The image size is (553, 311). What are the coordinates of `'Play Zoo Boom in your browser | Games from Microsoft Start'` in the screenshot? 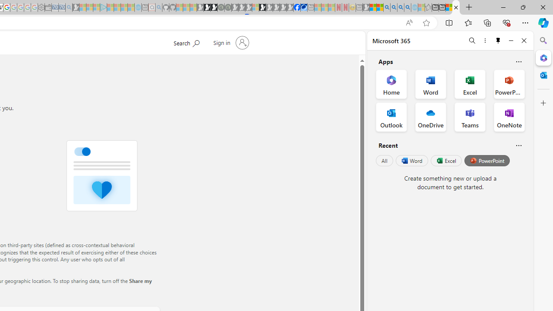 It's located at (207, 7).